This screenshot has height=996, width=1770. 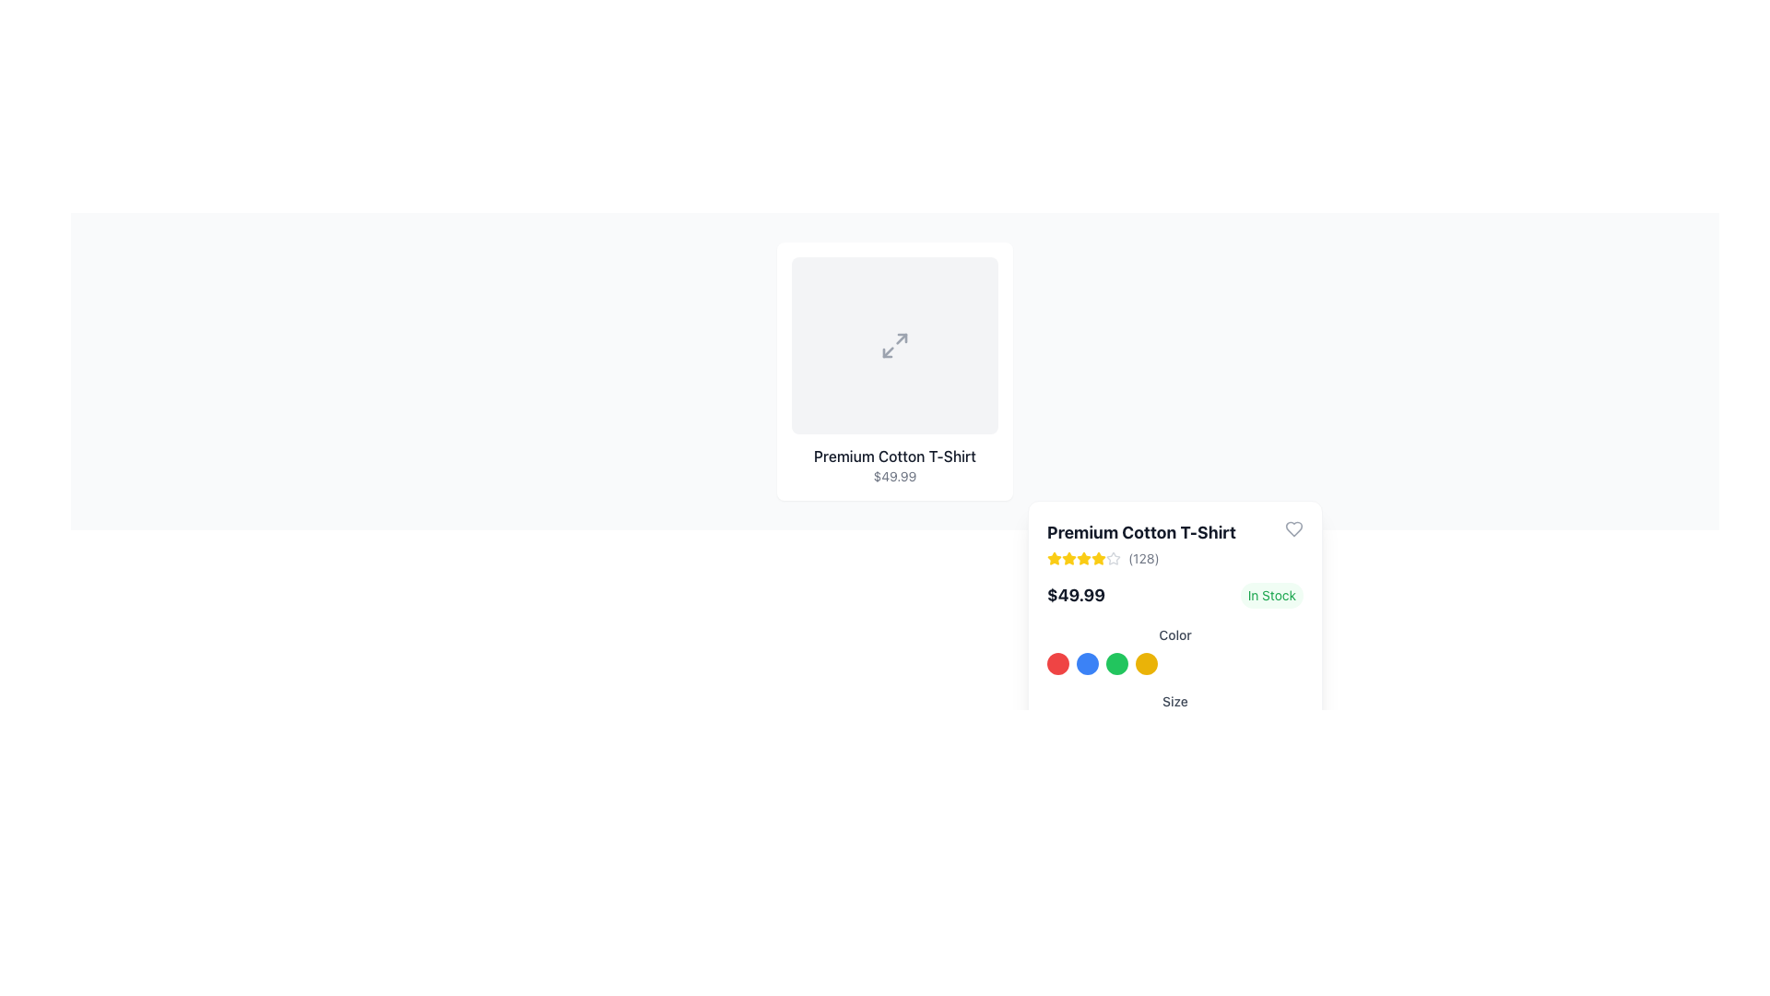 What do you see at coordinates (1140, 533) in the screenshot?
I see `the text label that serves as the title or heading for the product named 'Premium Cotton T-Shirt', which is located at the top of the content, above the rating stars and review count` at bounding box center [1140, 533].